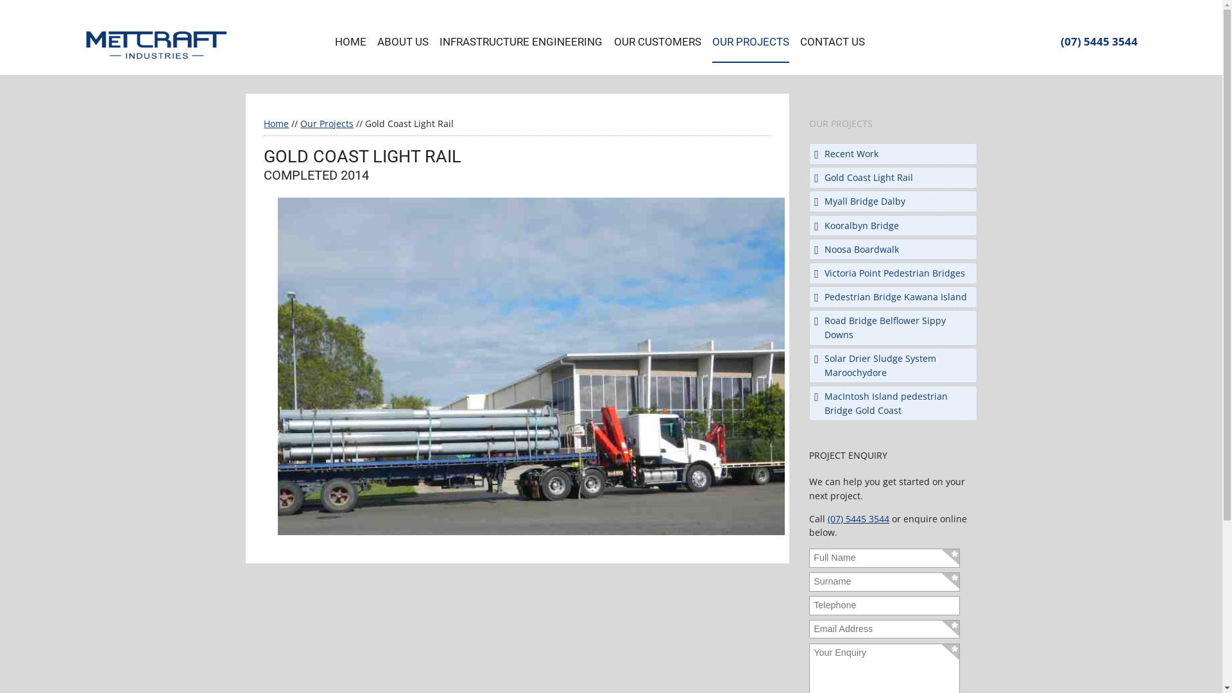 This screenshot has height=693, width=1232. I want to click on '(07) 5445 3544', so click(1059, 40).